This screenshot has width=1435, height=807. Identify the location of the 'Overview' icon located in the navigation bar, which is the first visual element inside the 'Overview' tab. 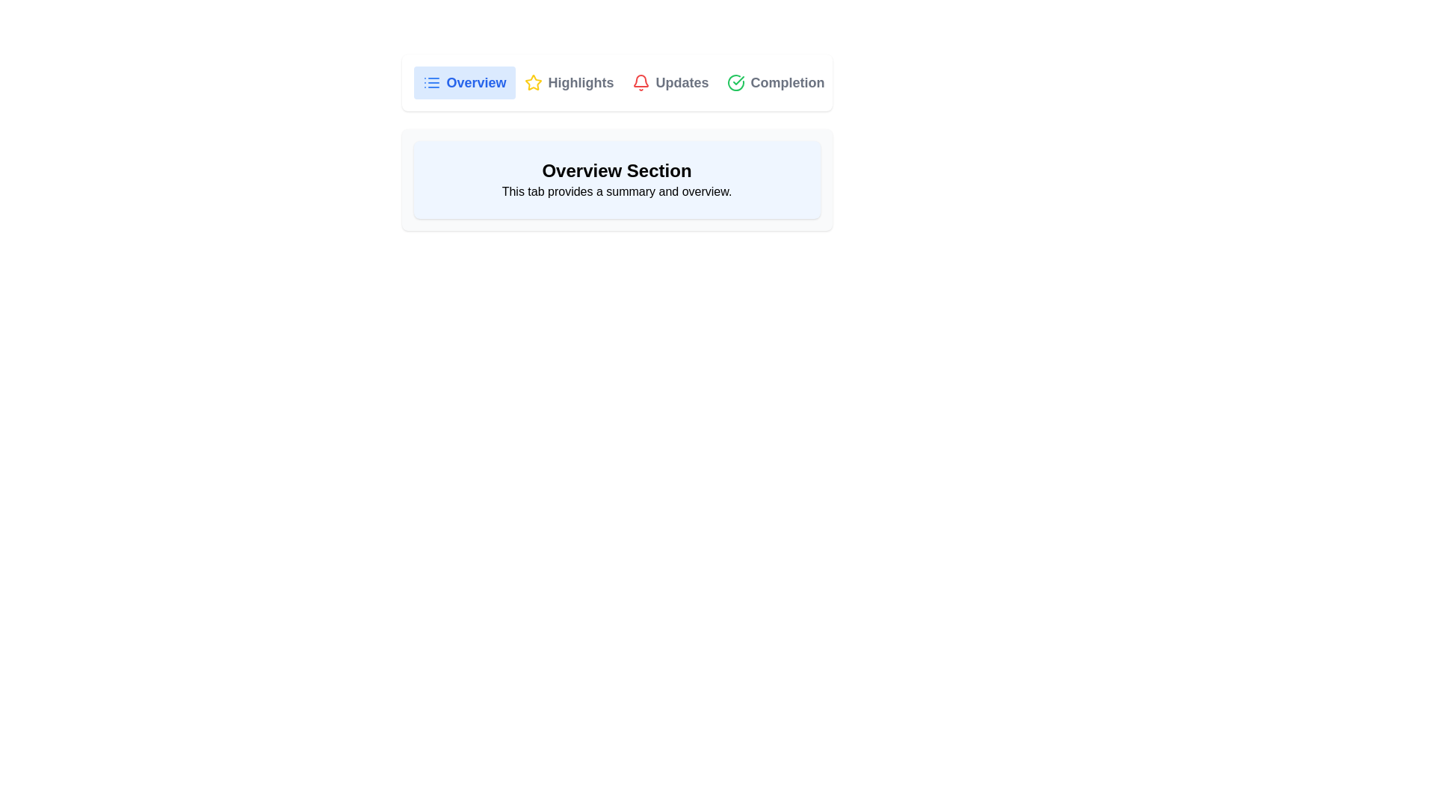
(430, 83).